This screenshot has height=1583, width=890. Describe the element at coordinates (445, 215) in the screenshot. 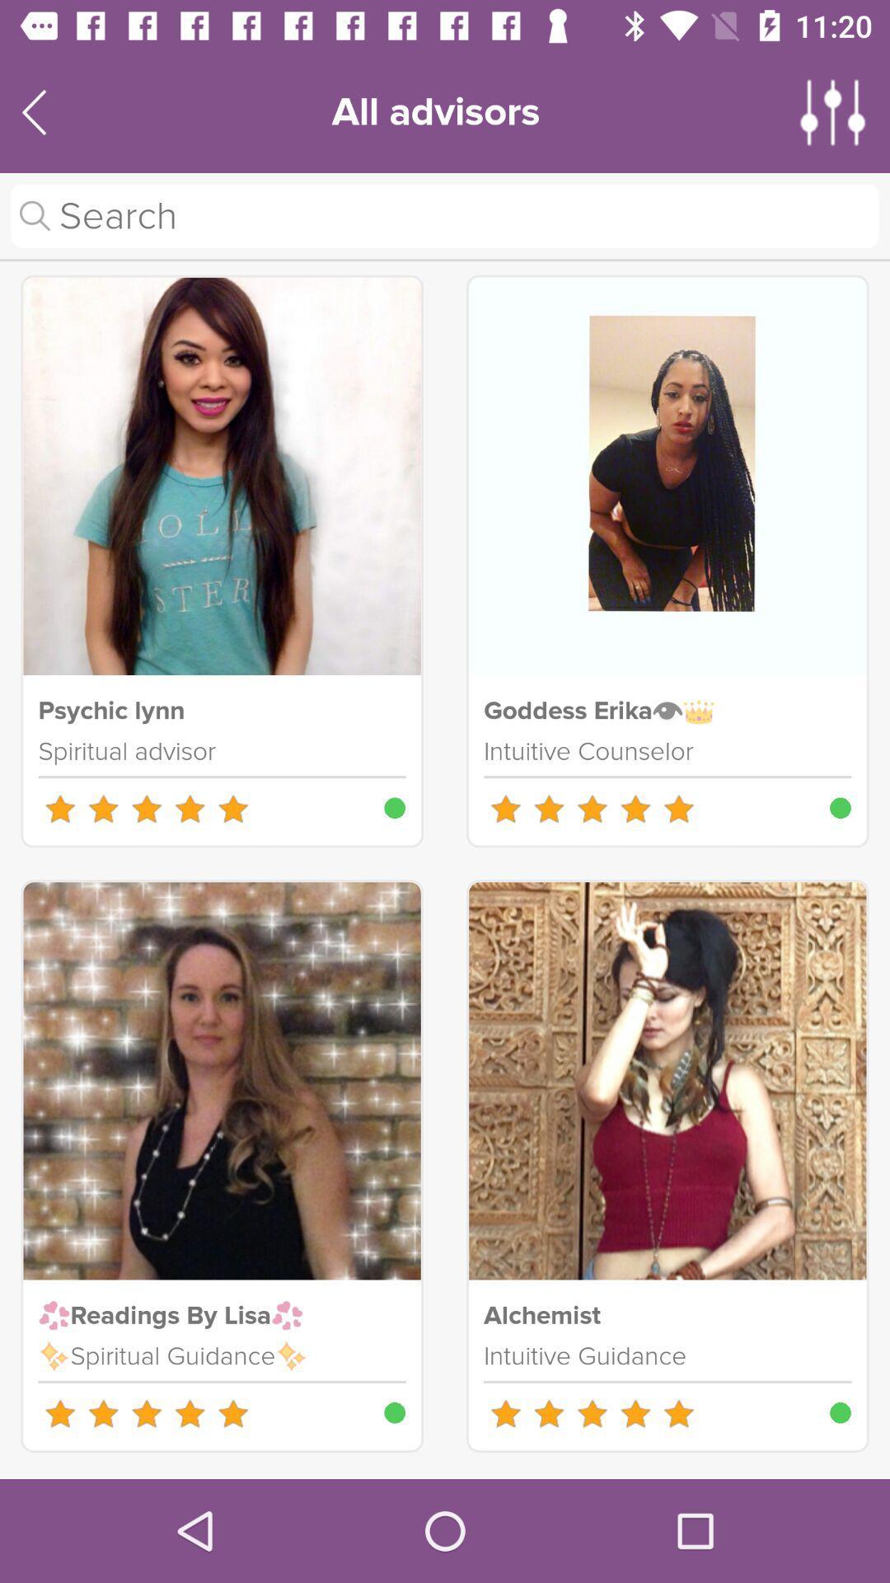

I see `search` at that location.